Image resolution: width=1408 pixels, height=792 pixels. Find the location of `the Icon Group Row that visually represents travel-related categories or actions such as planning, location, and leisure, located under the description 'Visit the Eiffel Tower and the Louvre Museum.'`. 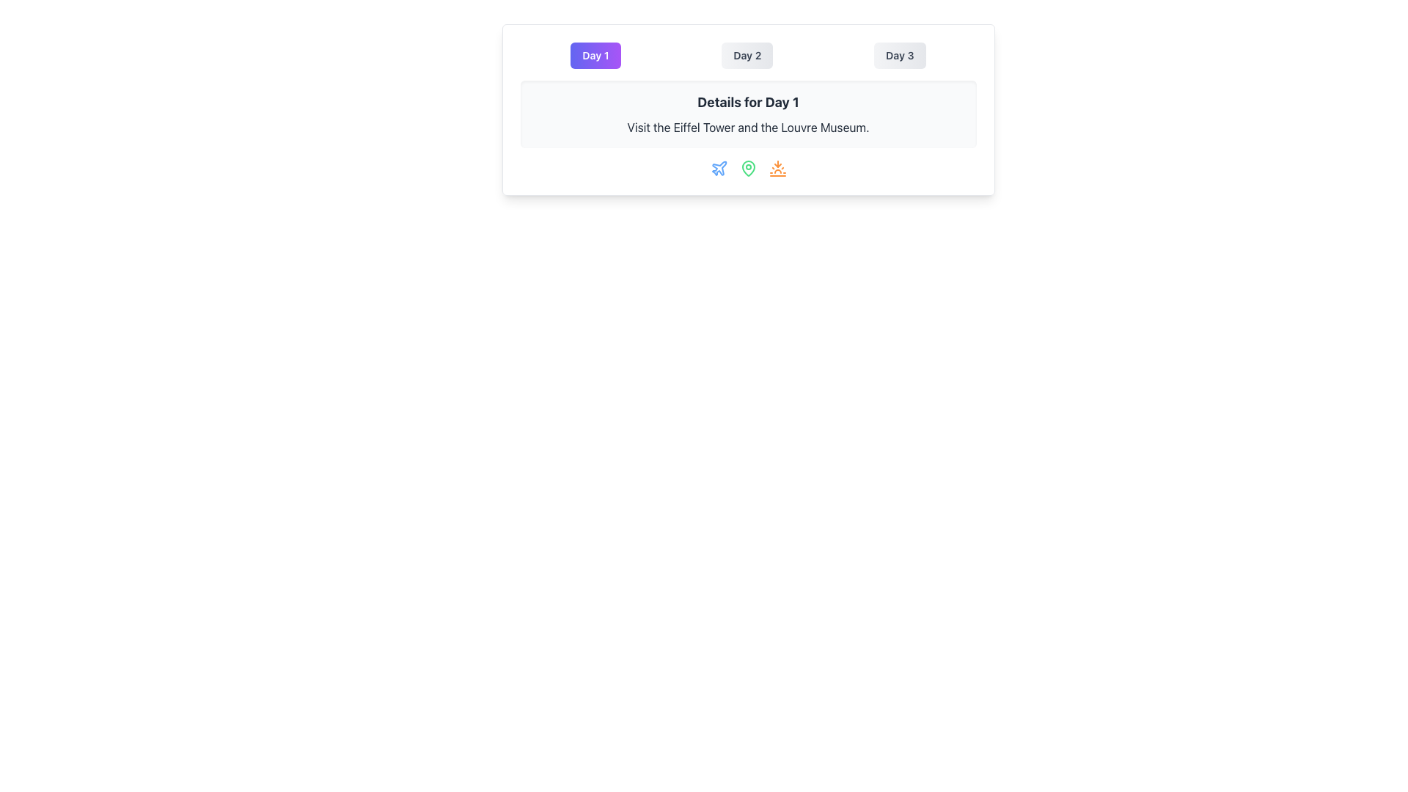

the Icon Group Row that visually represents travel-related categories or actions such as planning, location, and leisure, located under the description 'Visit the Eiffel Tower and the Louvre Museum.' is located at coordinates (748, 168).